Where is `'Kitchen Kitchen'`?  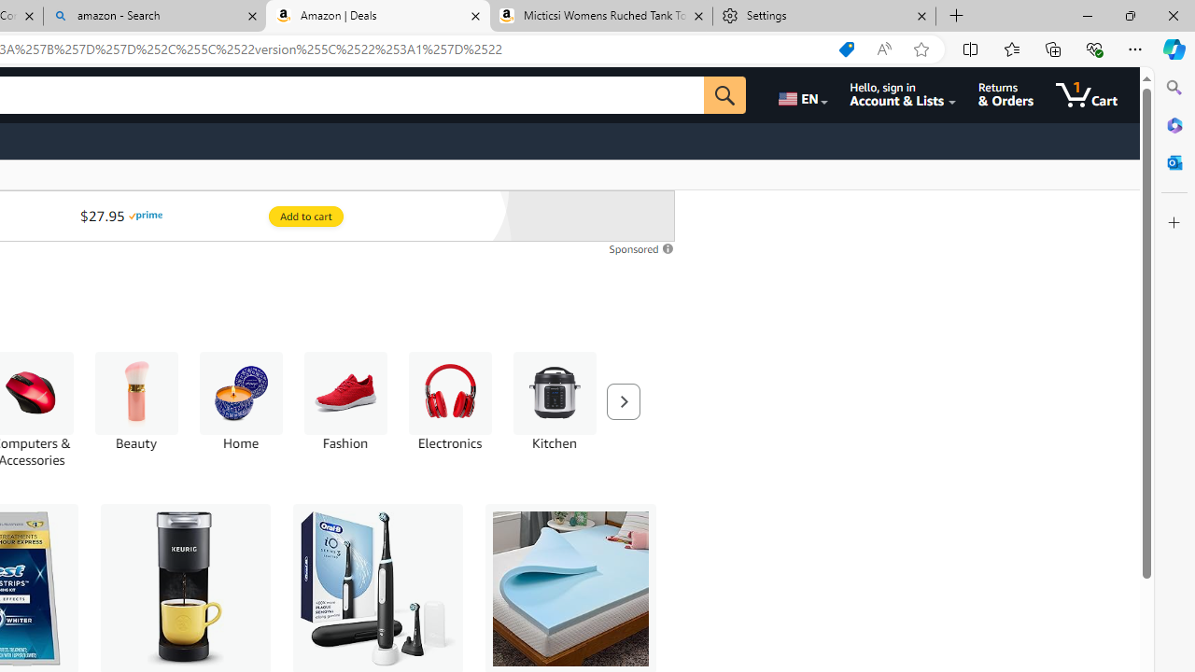 'Kitchen Kitchen' is located at coordinates (553, 400).